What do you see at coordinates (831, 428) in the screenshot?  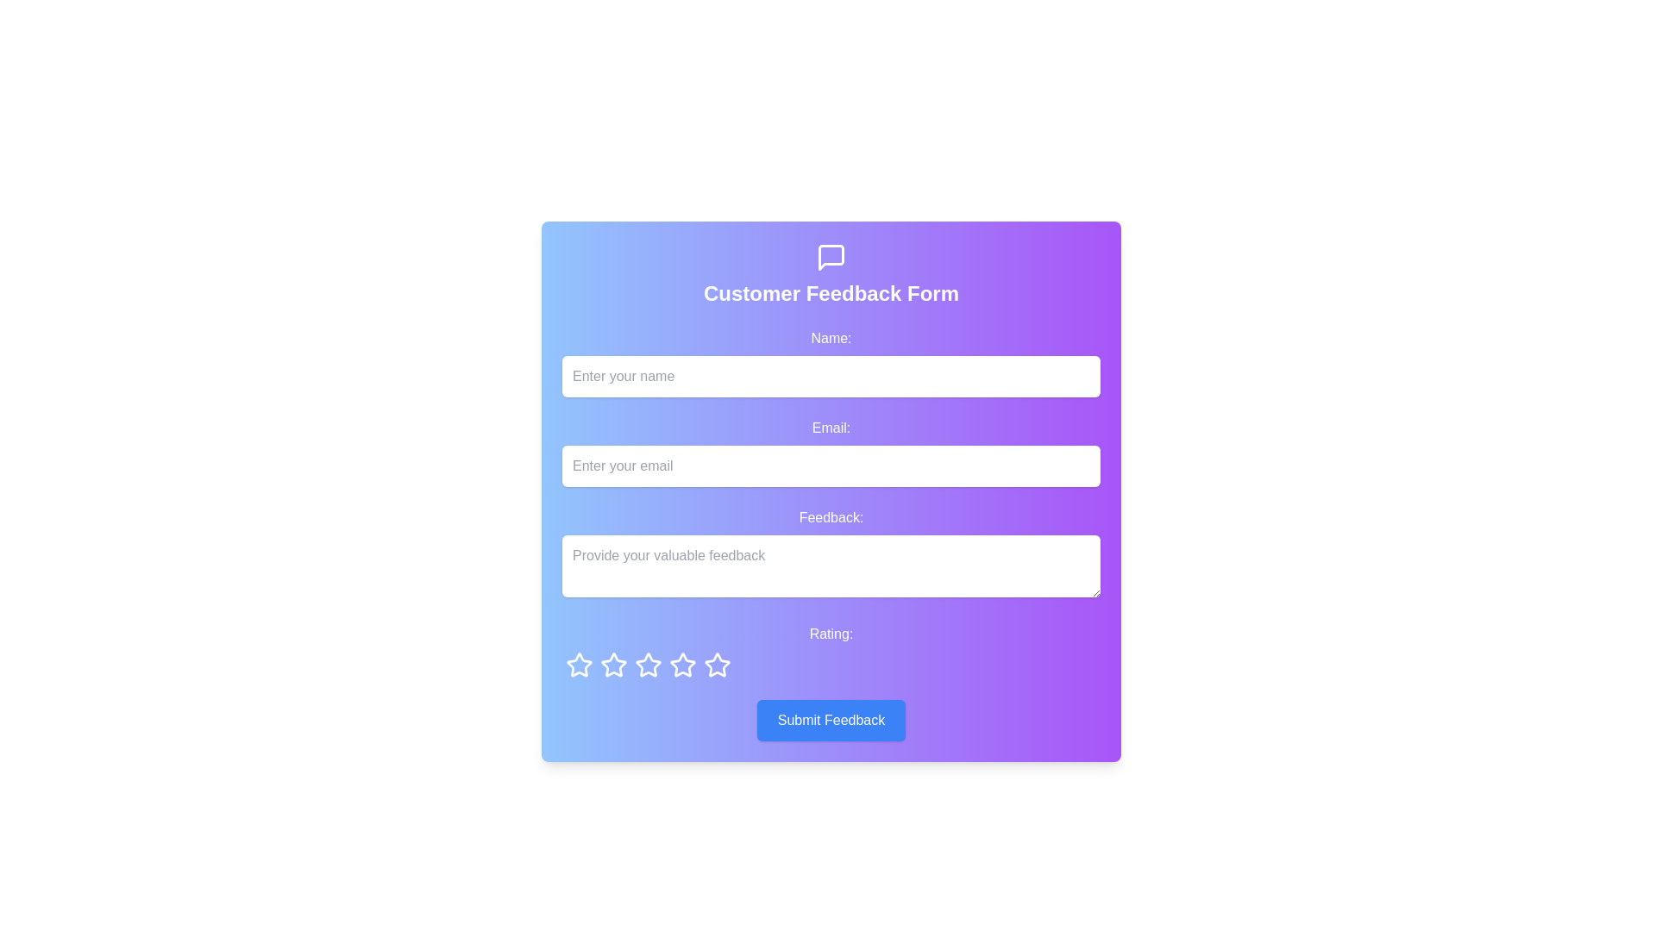 I see `label text displaying 'Email:' which is a white font label located above the email input field, centered in the form layout` at bounding box center [831, 428].